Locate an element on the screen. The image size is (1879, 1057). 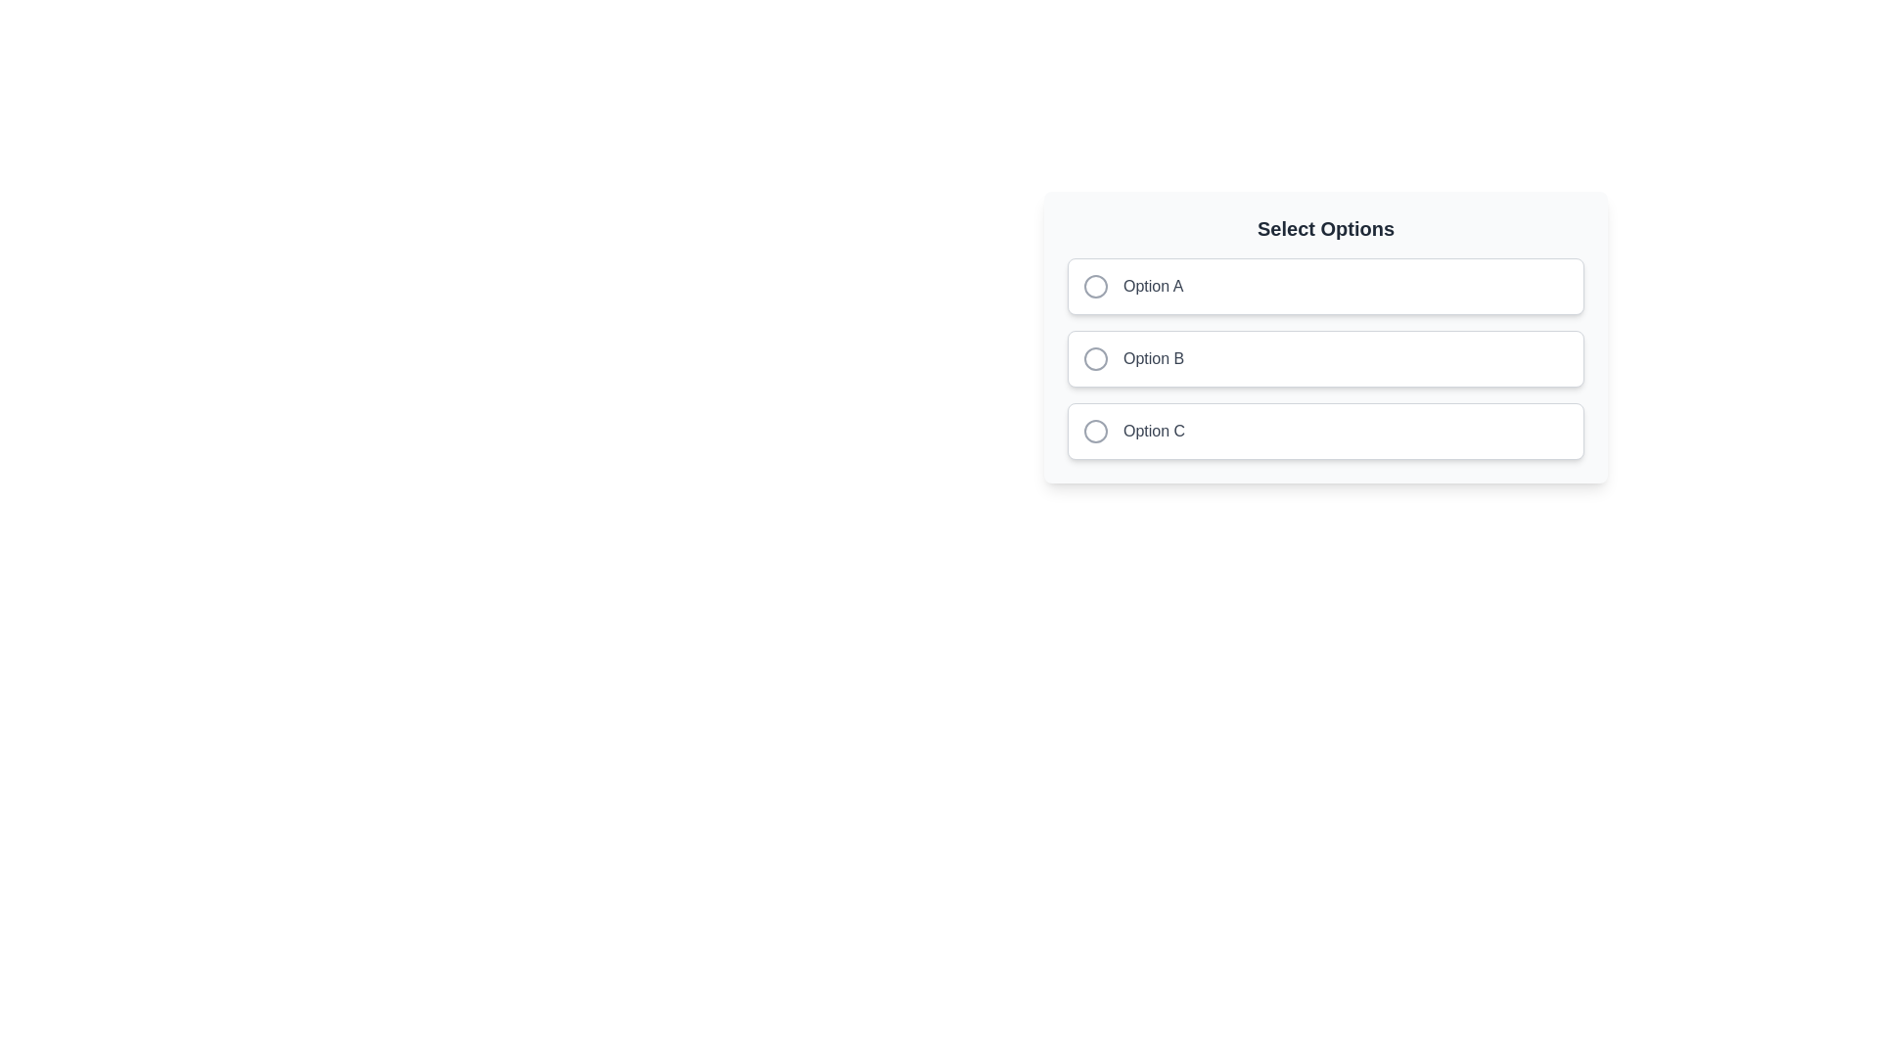
the text label displaying 'Option C', which is positioned in the third option row beneath 'Option B' and aligned to the right of a circular indicator is located at coordinates (1154, 430).